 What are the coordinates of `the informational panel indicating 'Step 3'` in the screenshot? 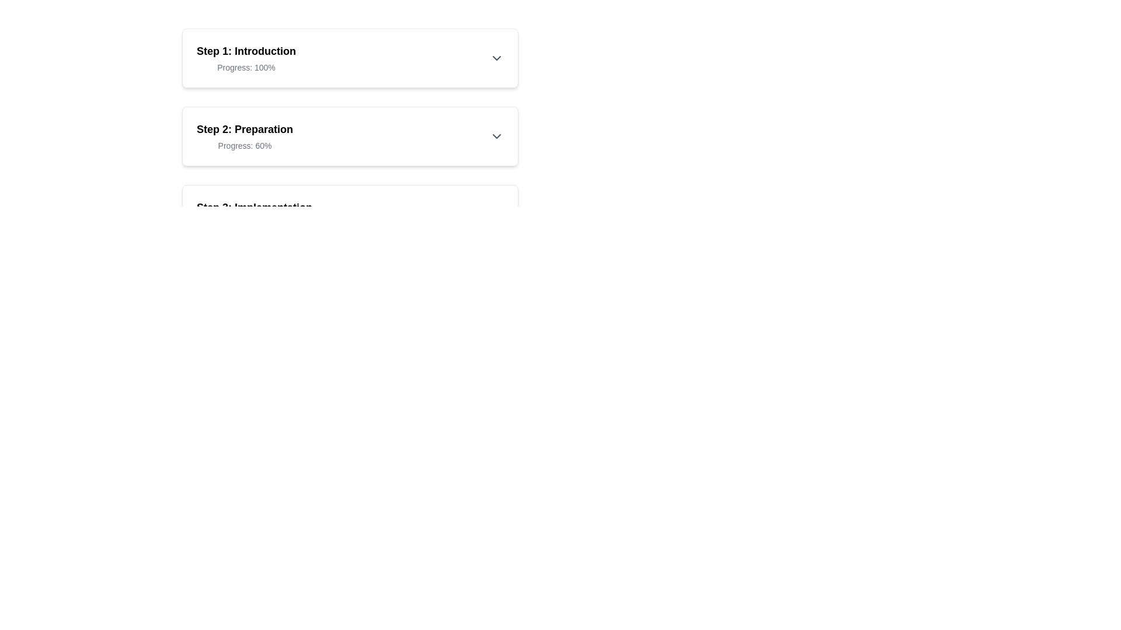 It's located at (350, 214).